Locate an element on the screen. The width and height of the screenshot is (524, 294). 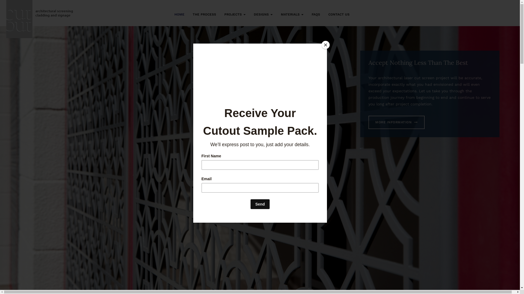
'FAQS' is located at coordinates (316, 13).